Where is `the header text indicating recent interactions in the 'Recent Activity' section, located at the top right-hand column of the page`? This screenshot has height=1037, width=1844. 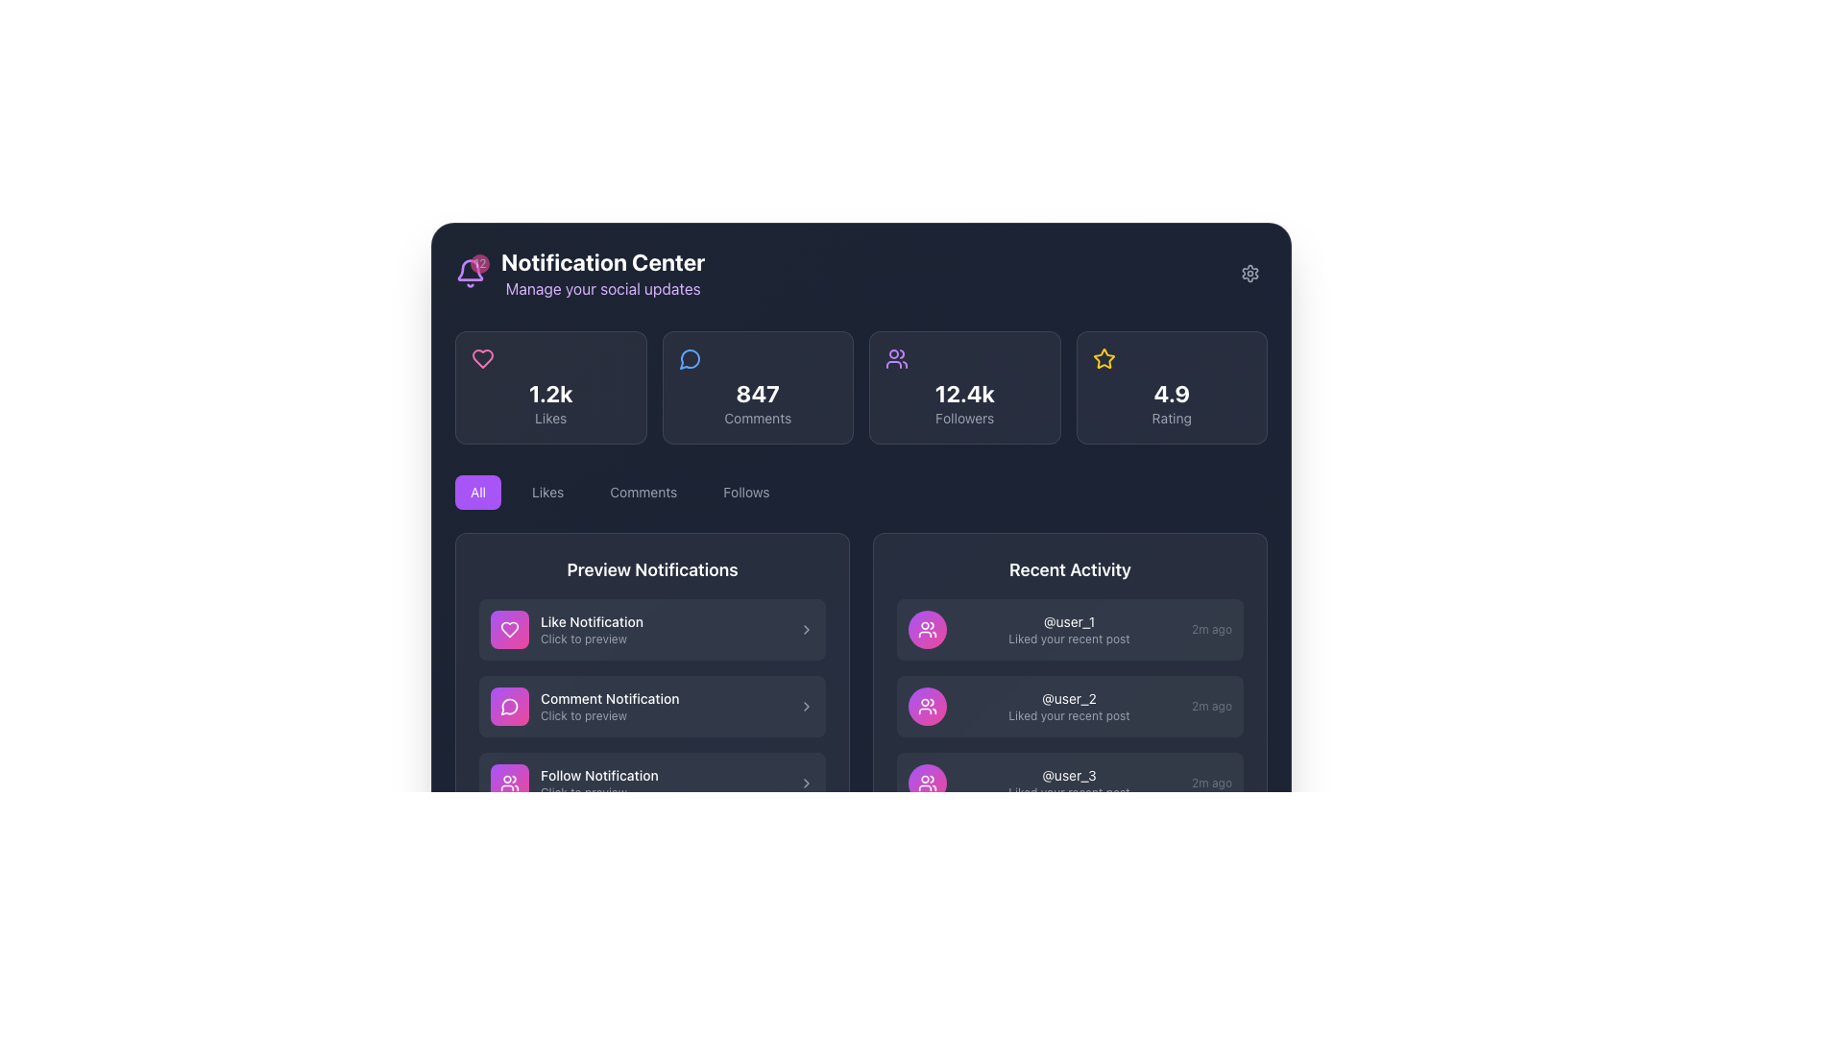 the header text indicating recent interactions in the 'Recent Activity' section, located at the top right-hand column of the page is located at coordinates (1069, 569).